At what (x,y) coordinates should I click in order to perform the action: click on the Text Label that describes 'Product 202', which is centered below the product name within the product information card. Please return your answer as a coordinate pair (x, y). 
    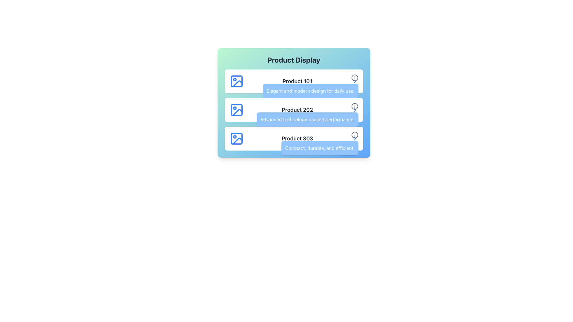
    Looking at the image, I should click on (307, 120).